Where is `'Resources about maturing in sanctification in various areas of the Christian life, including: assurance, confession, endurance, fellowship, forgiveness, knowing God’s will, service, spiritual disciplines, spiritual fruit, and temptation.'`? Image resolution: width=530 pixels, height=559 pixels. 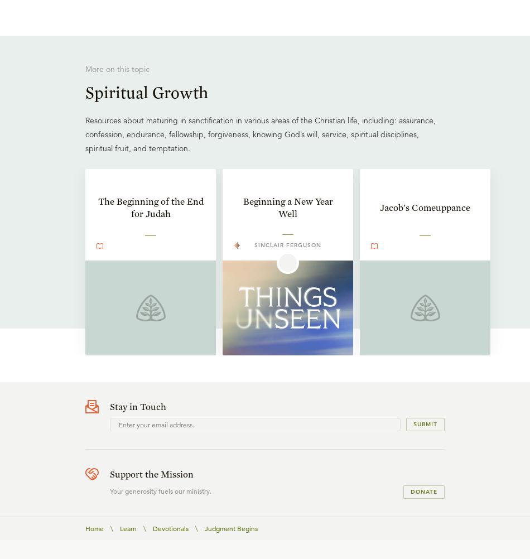
'Resources about maturing in sanctification in various areas of the Christian life, including: assurance, confession, endurance, fellowship, forgiveness, knowing God’s will, service, spiritual disciplines, spiritual fruit, and temptation.' is located at coordinates (260, 133).